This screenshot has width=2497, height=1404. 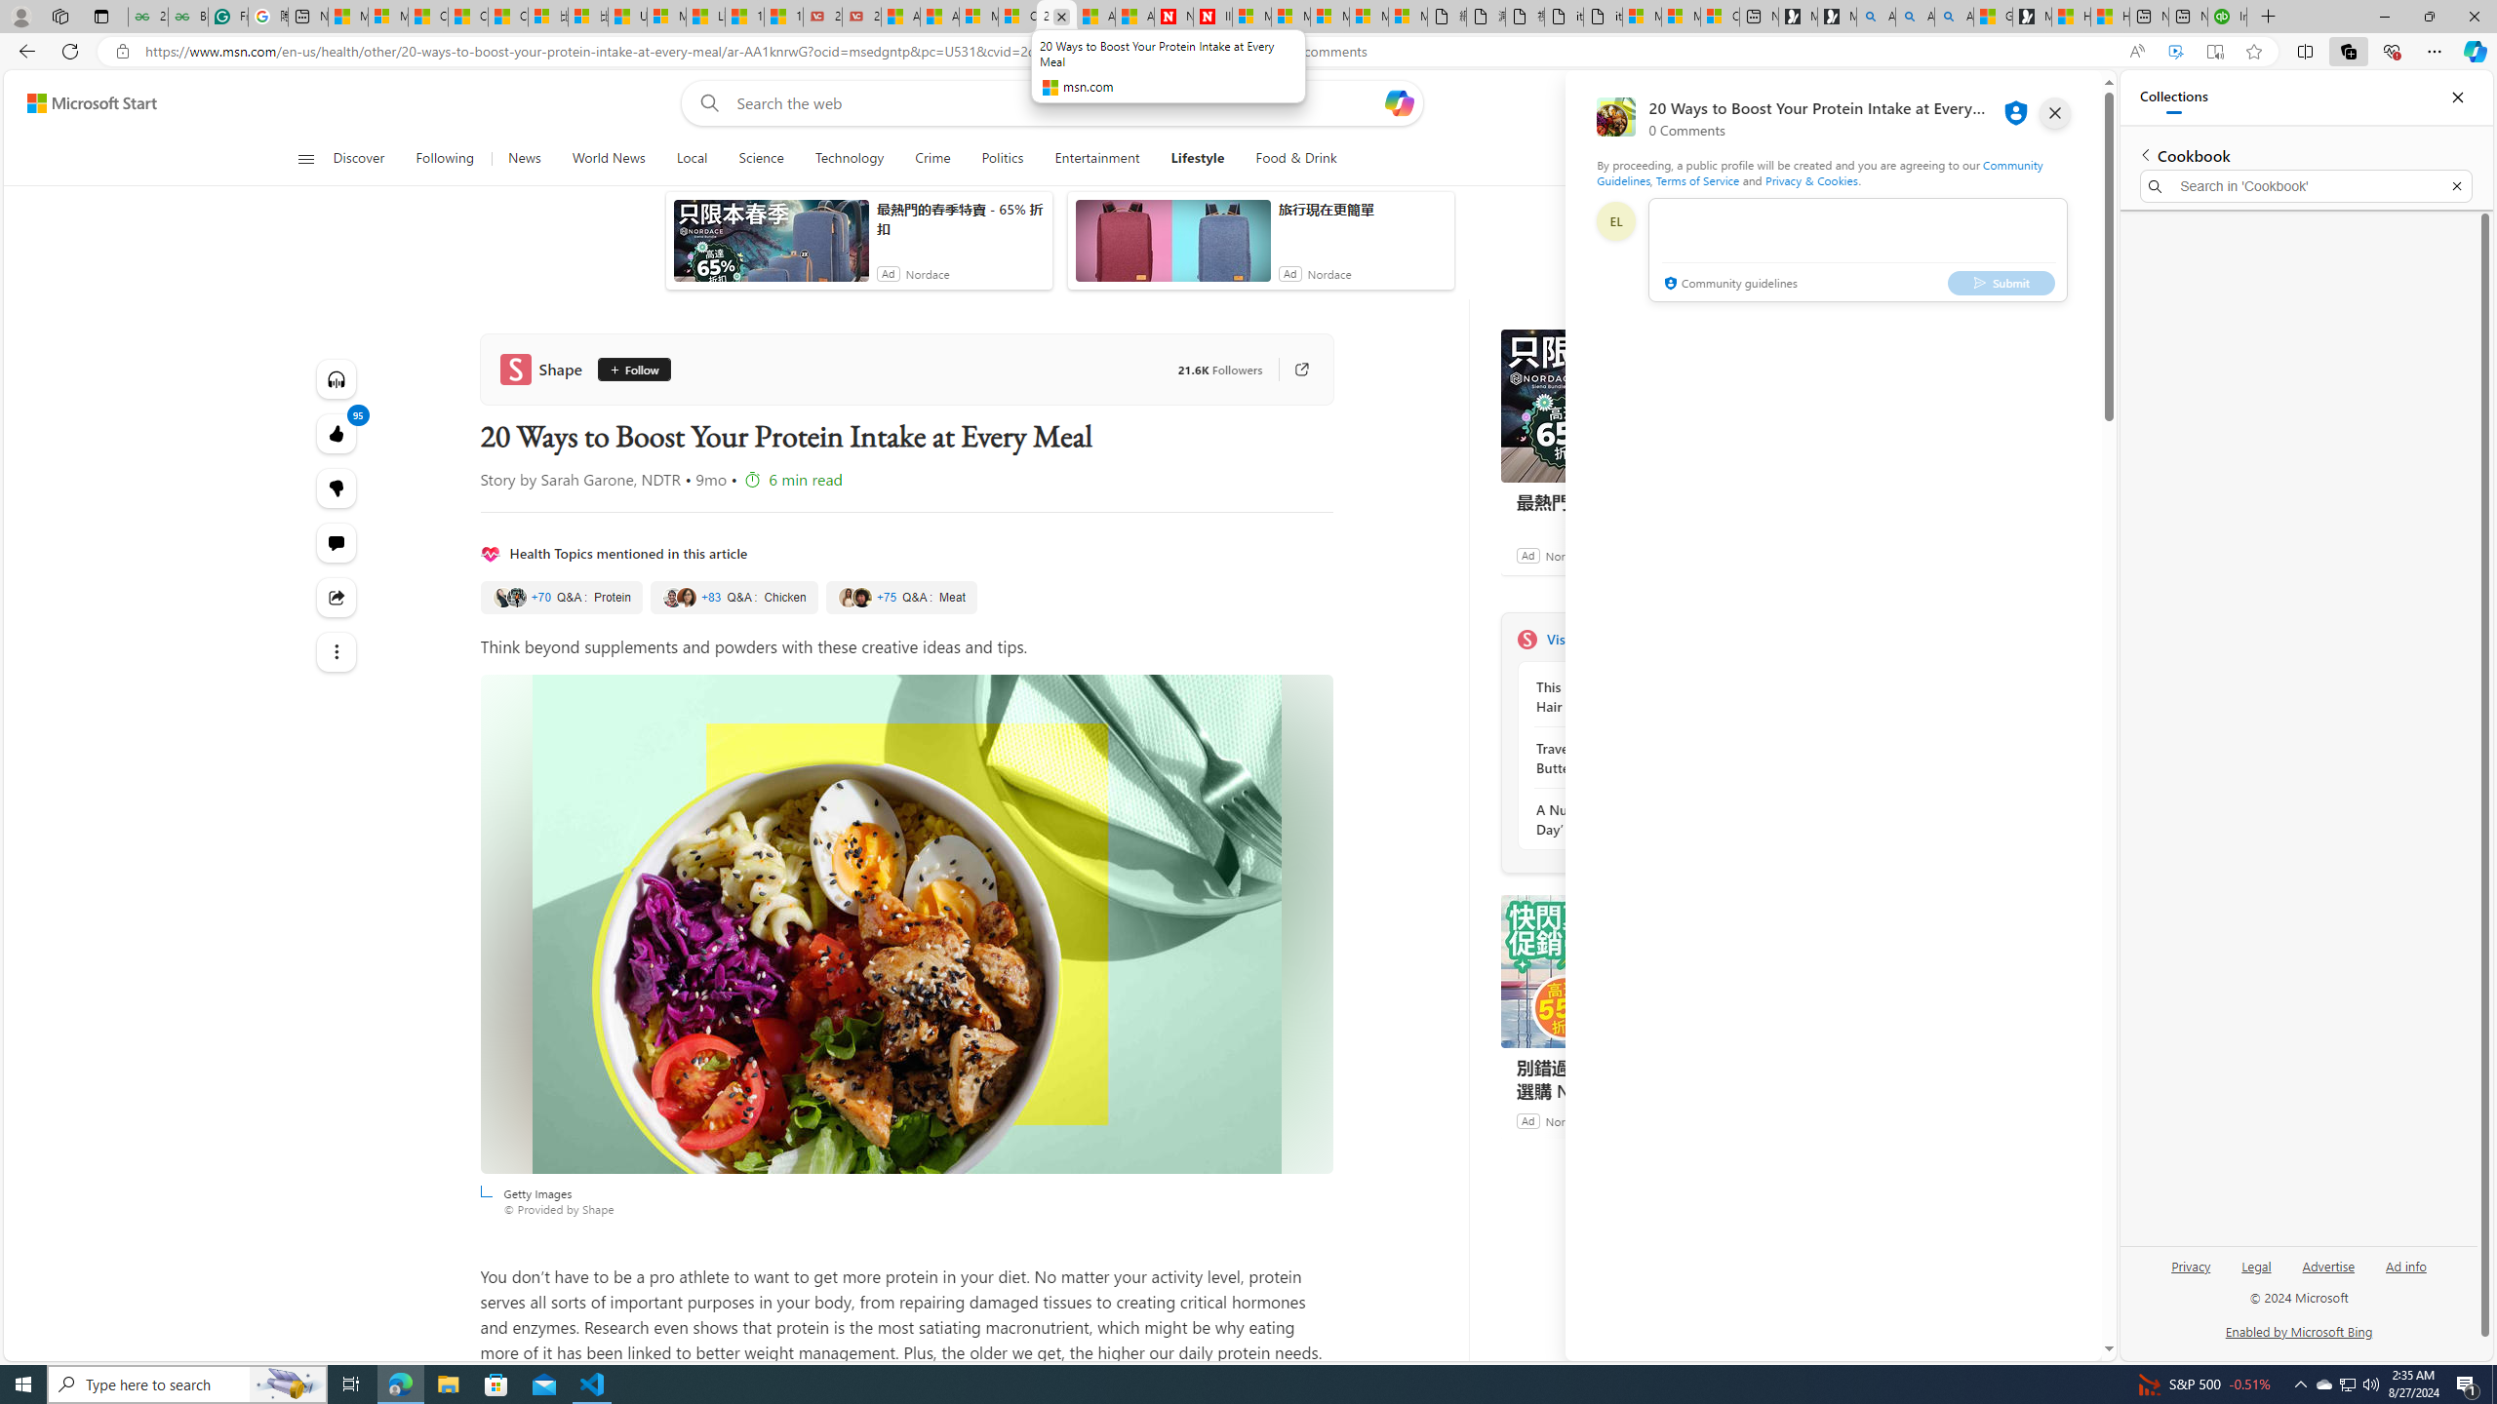 I want to click on 'Science', so click(x=760, y=158).